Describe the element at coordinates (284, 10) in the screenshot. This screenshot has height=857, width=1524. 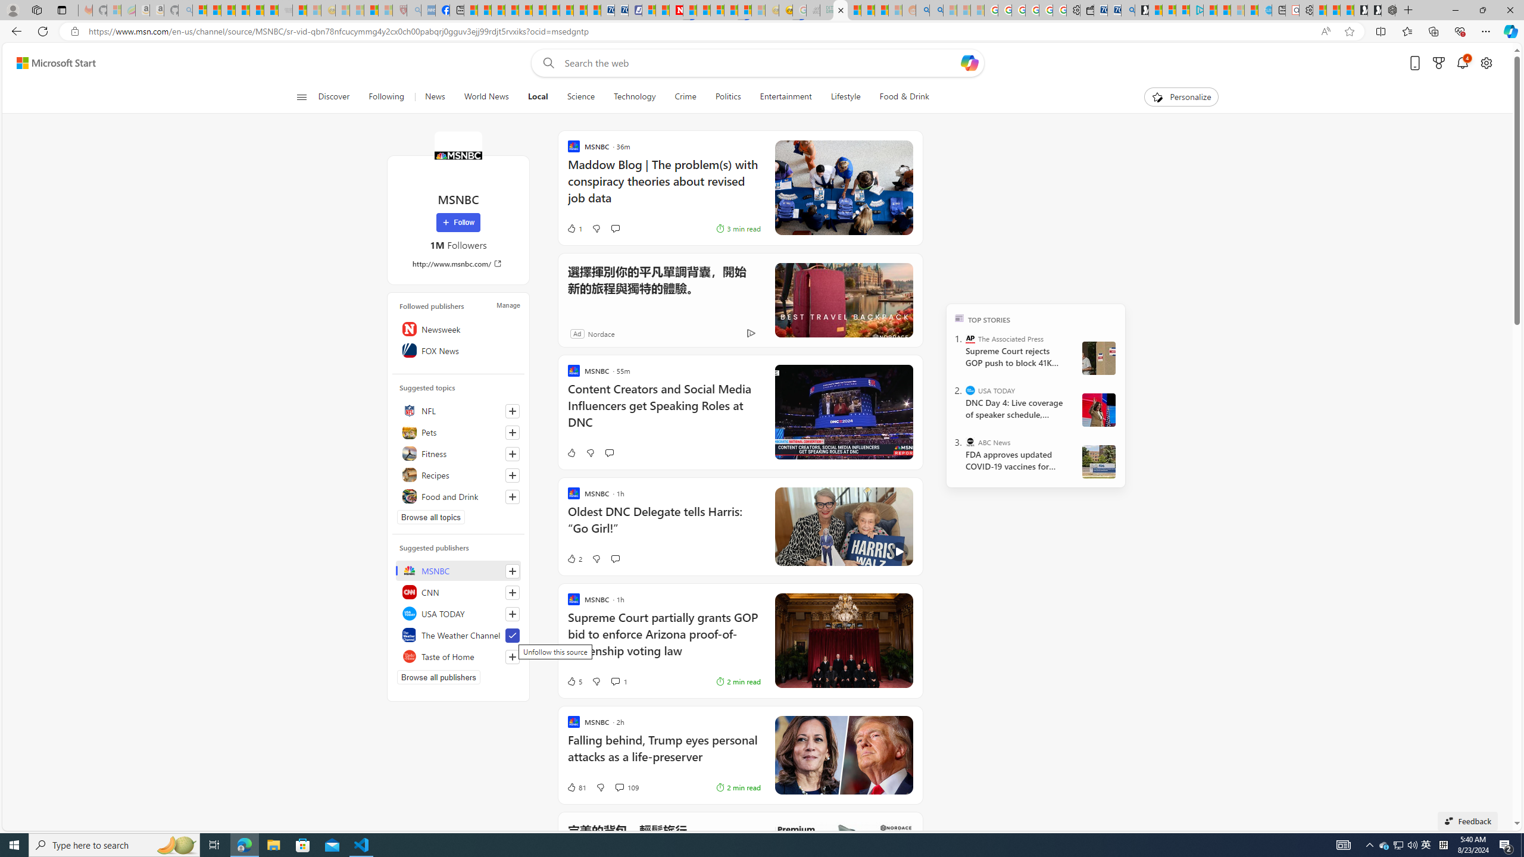
I see `'Combat Siege - Sleeping'` at that location.